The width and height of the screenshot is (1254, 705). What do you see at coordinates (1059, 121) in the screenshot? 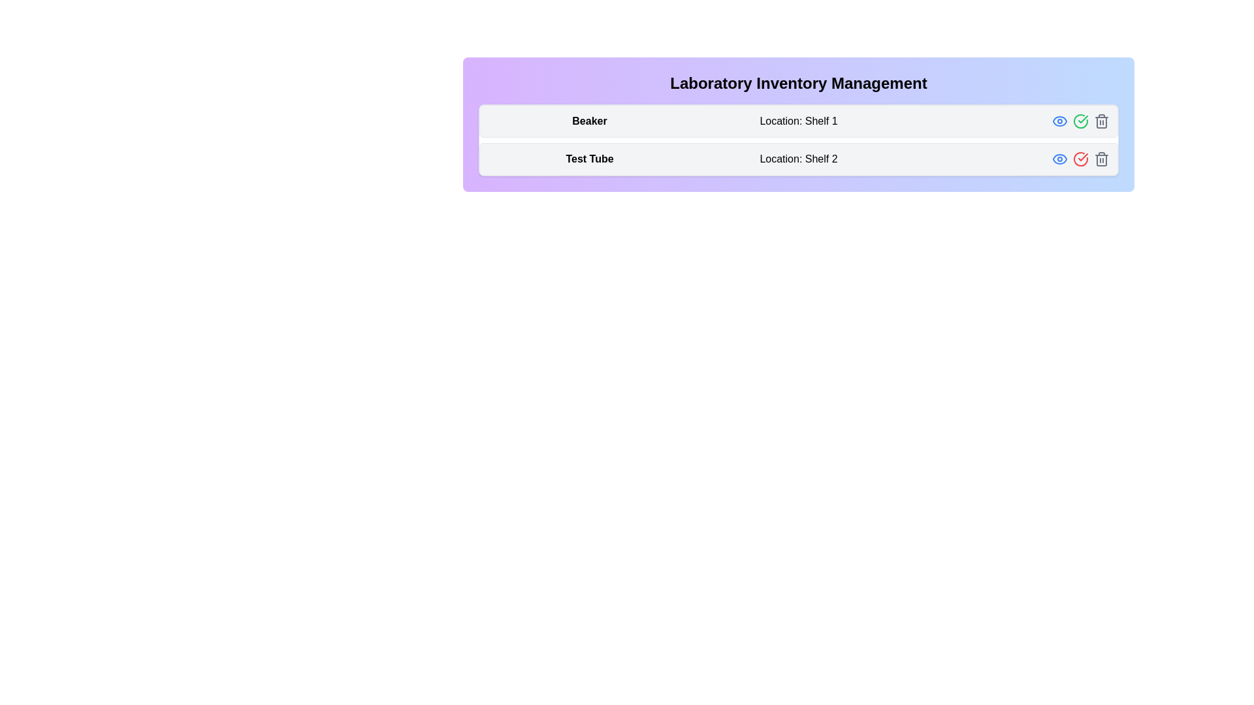
I see `eye icon to view details of the inventory item Beaker` at bounding box center [1059, 121].